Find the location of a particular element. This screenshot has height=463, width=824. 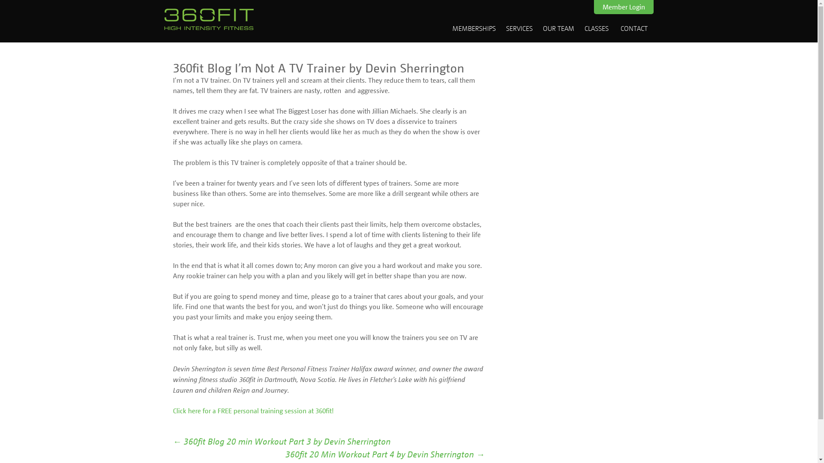

'CLASSES' is located at coordinates (596, 27).